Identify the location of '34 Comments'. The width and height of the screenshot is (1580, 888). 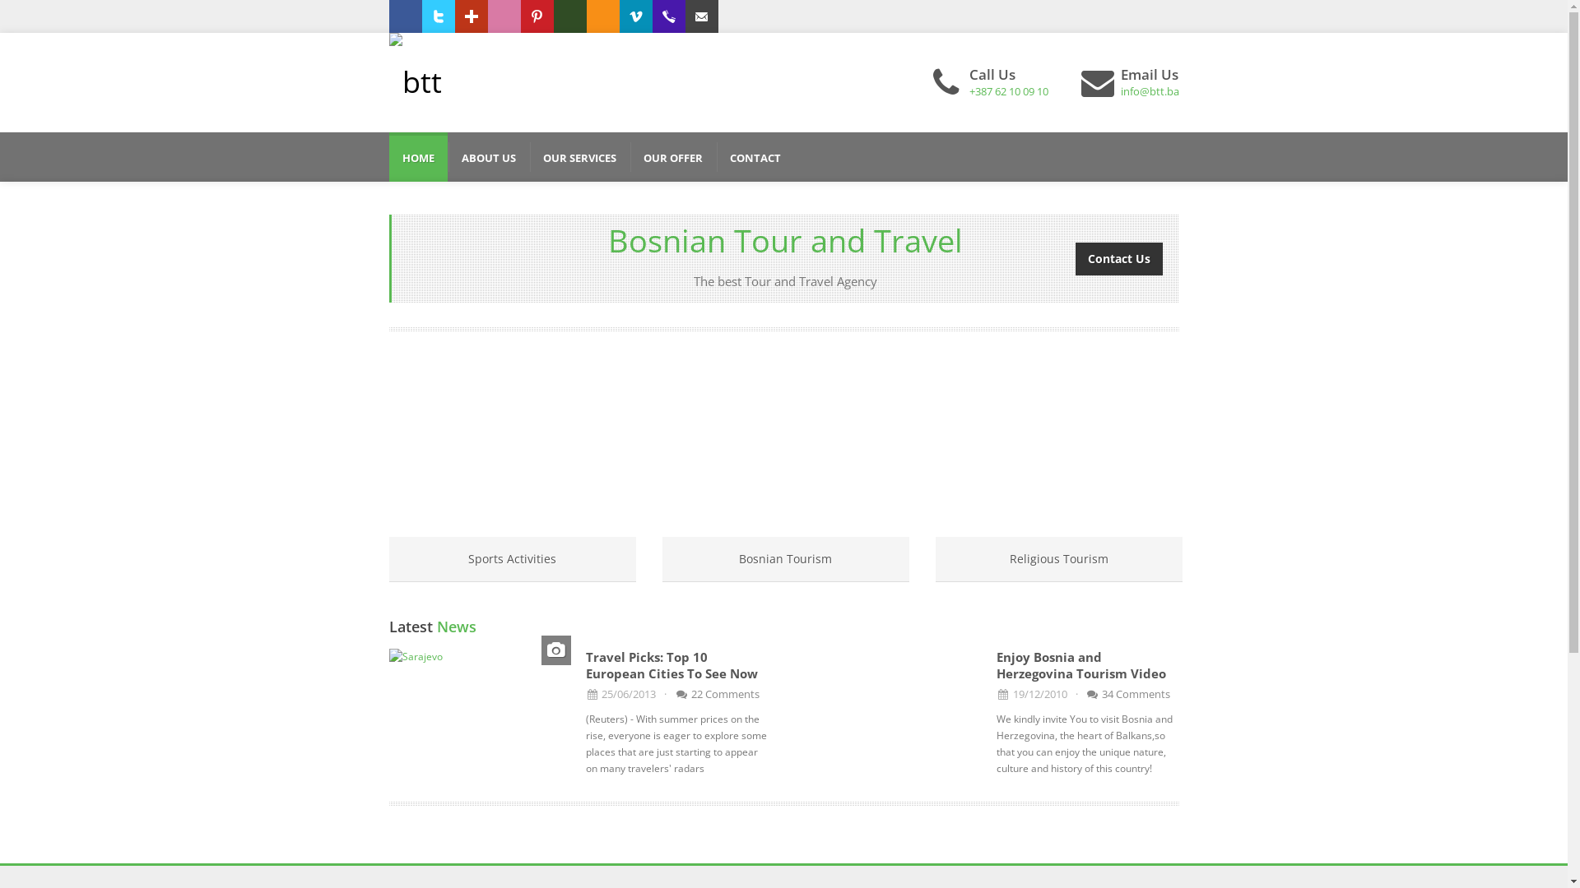
(1127, 694).